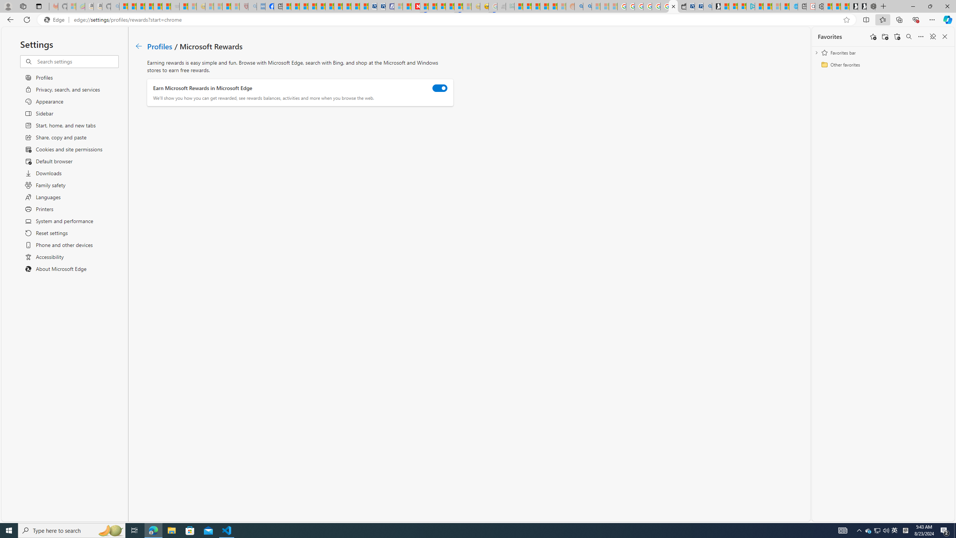 This screenshot has height=538, width=956. I want to click on 'Add this page to favorites', so click(873, 36).